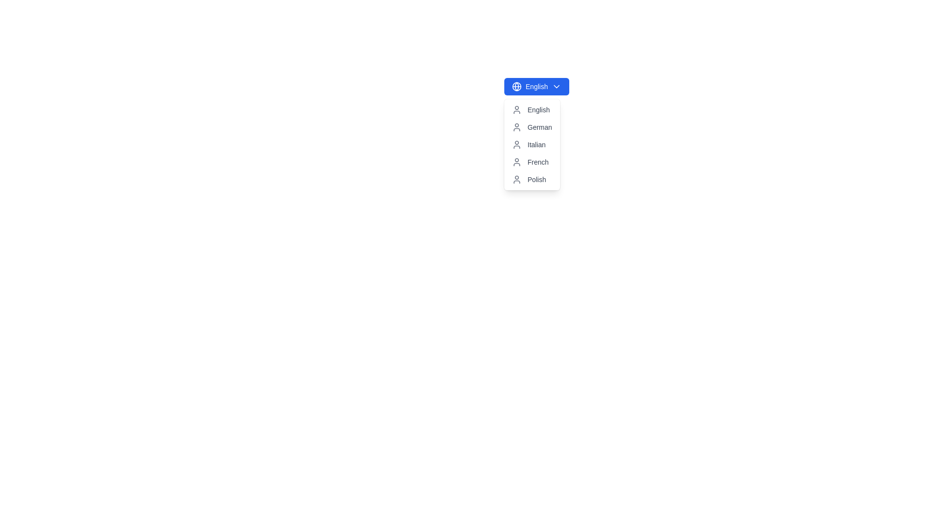 Image resolution: width=931 pixels, height=523 pixels. What do you see at coordinates (531, 145) in the screenshot?
I see `the 'Italian' option in the dropdown menu, which is the third item below the 'English' button` at bounding box center [531, 145].